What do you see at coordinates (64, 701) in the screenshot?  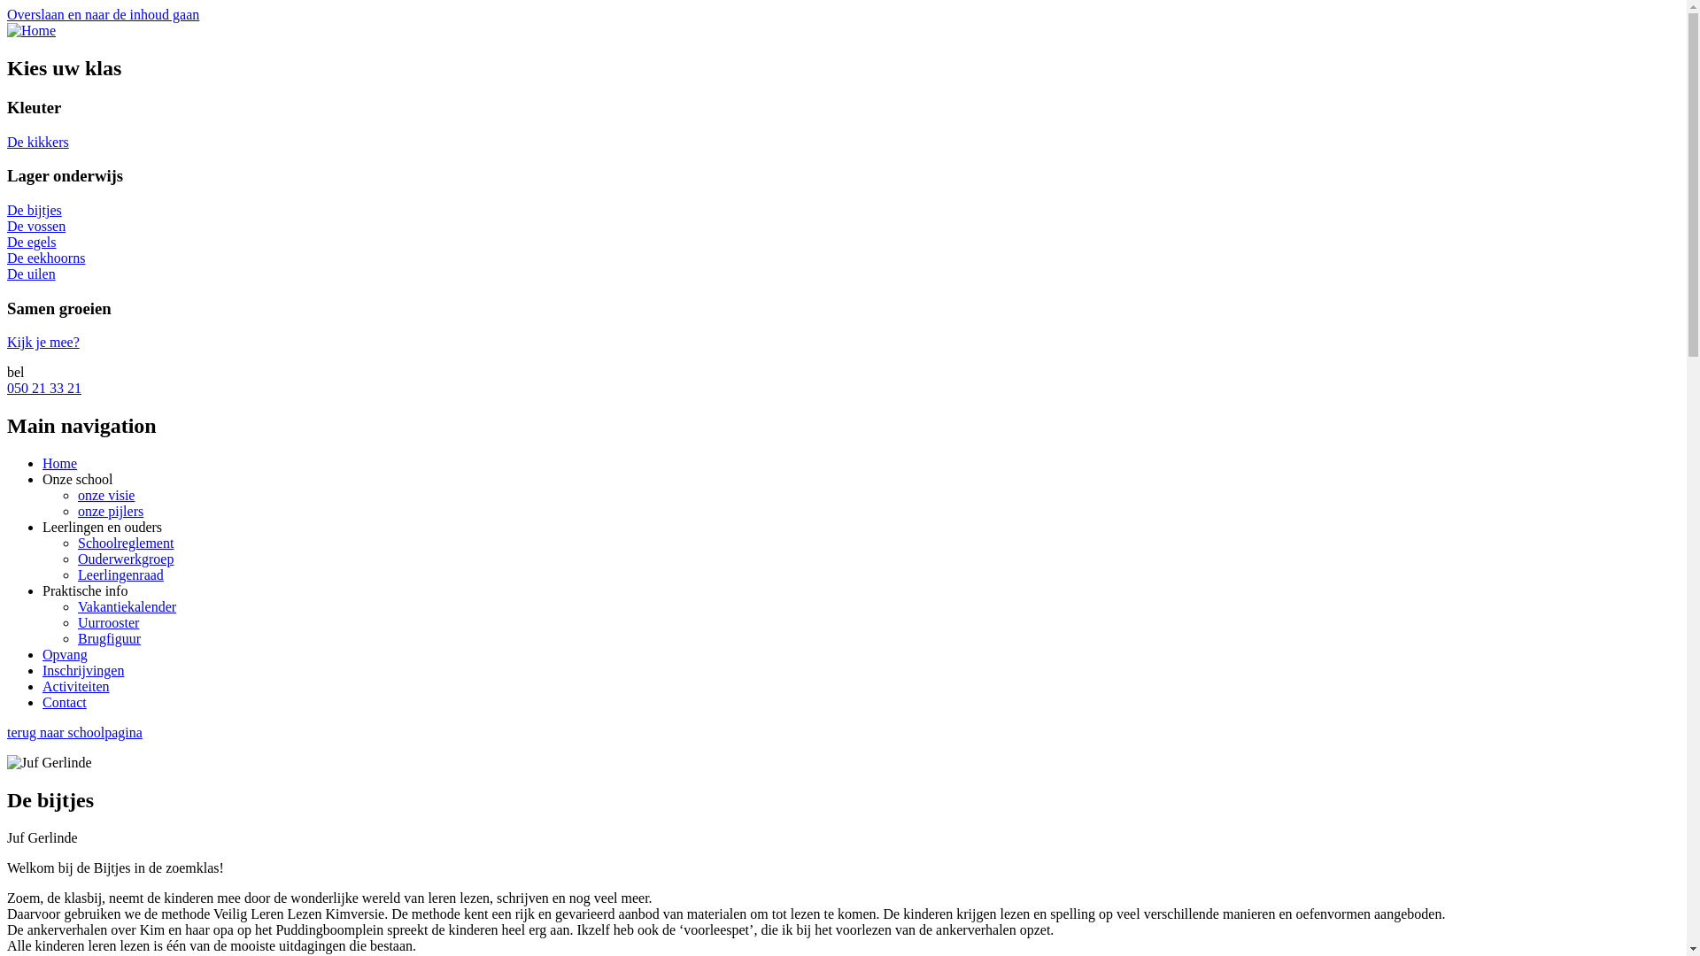 I see `'Contact'` at bounding box center [64, 701].